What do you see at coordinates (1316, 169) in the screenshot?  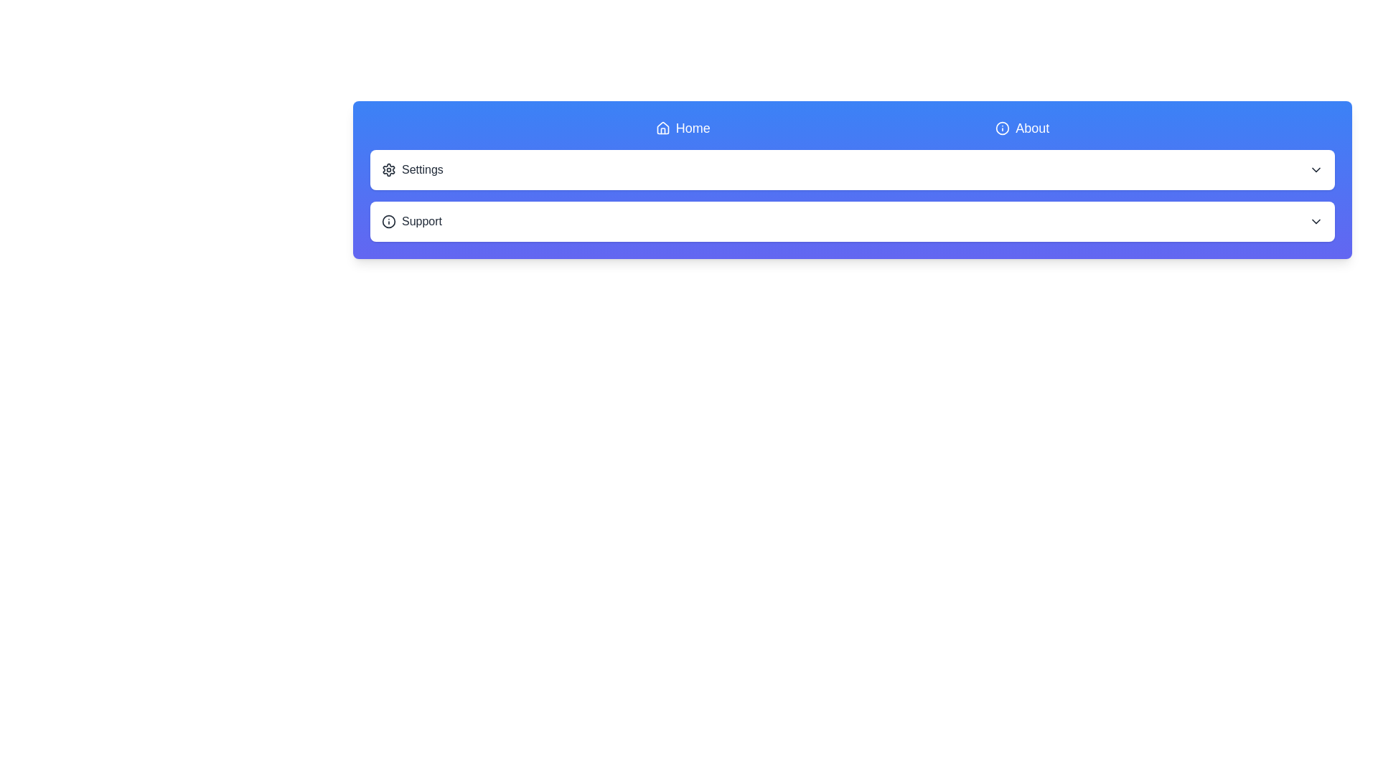 I see `the chevron-down icon next to the 'Settings' list item to explore the browser context menu options` at bounding box center [1316, 169].